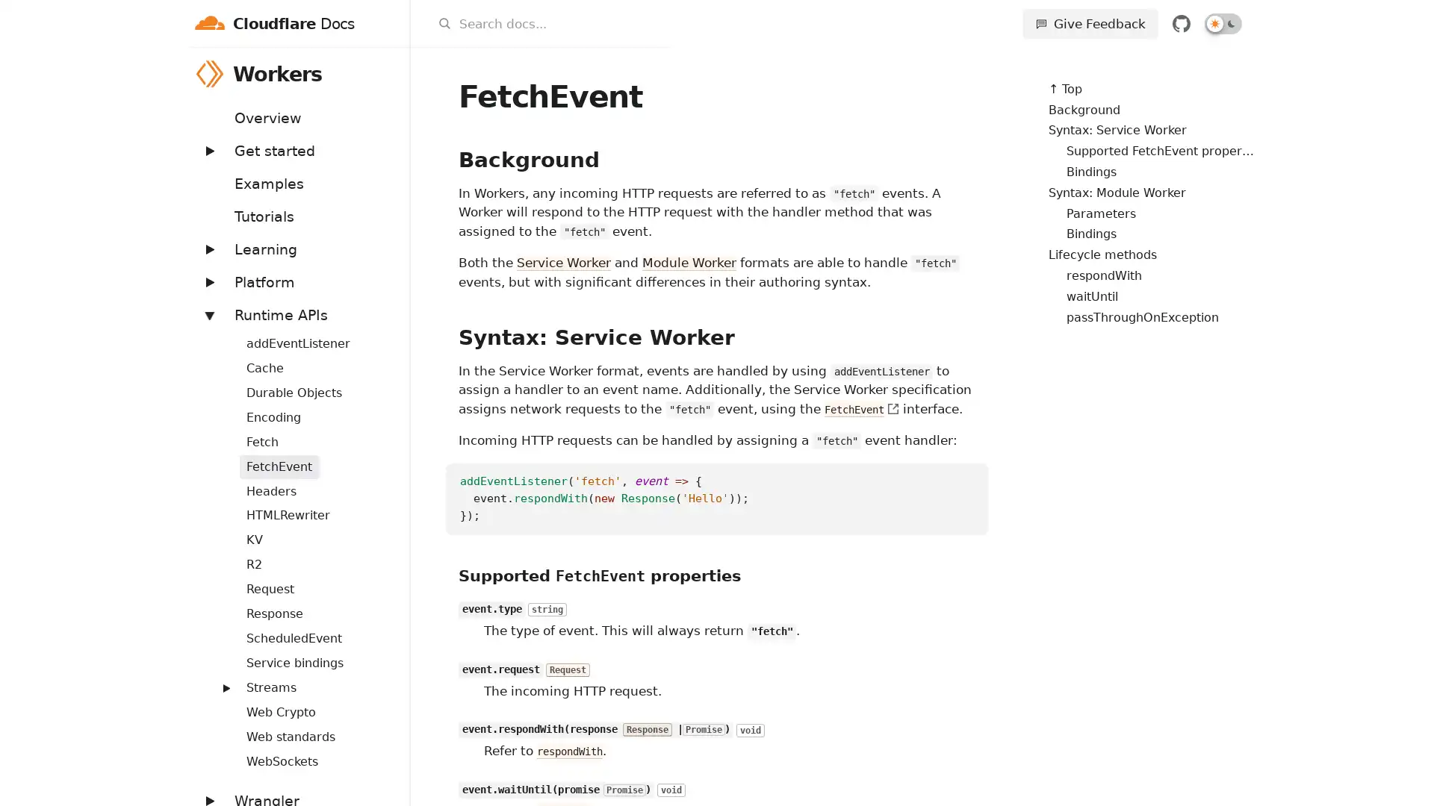 Image resolution: width=1434 pixels, height=806 pixels. What do you see at coordinates (390, 73) in the screenshot?
I see `Workers menu` at bounding box center [390, 73].